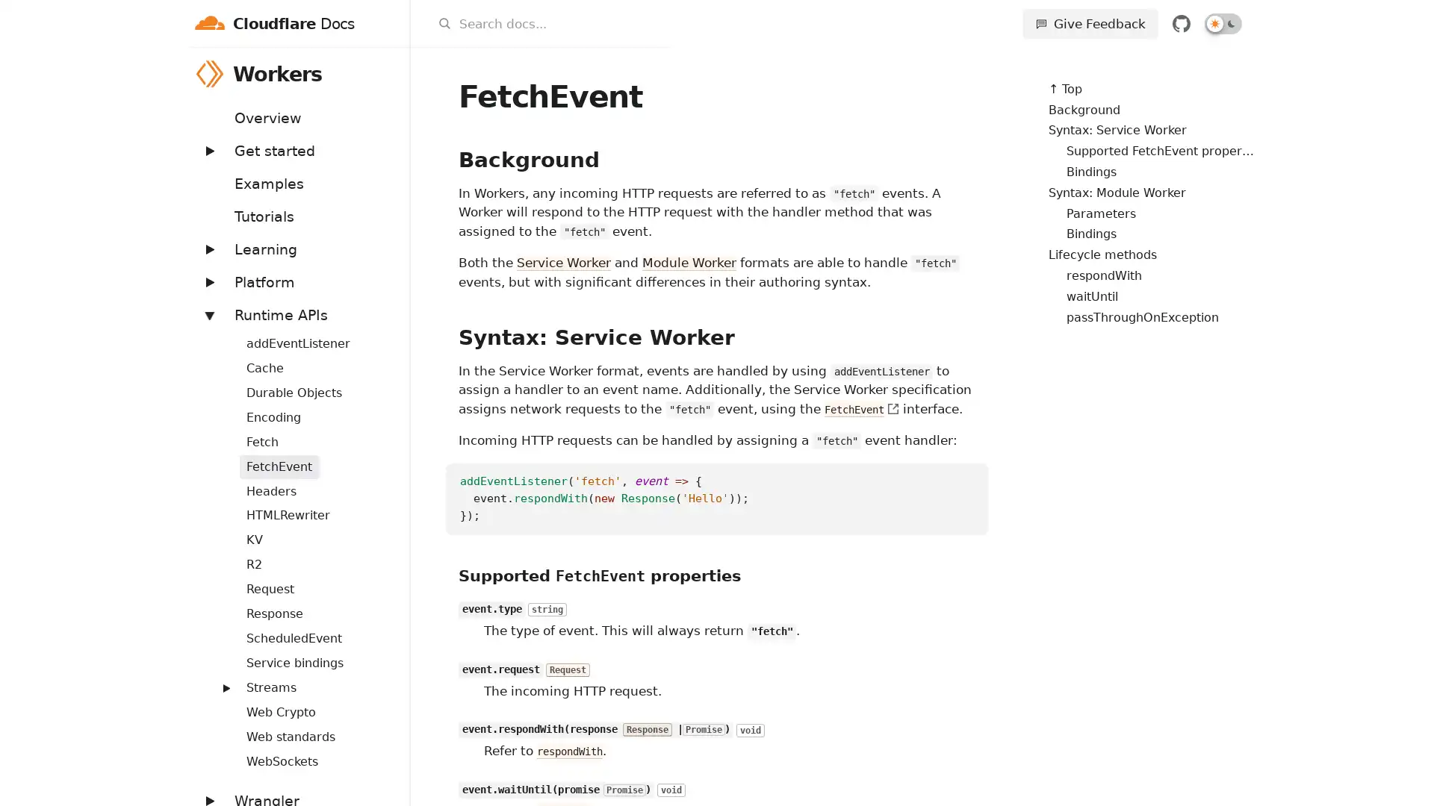 Image resolution: width=1434 pixels, height=806 pixels. What do you see at coordinates (390, 73) in the screenshot?
I see `Workers menu` at bounding box center [390, 73].